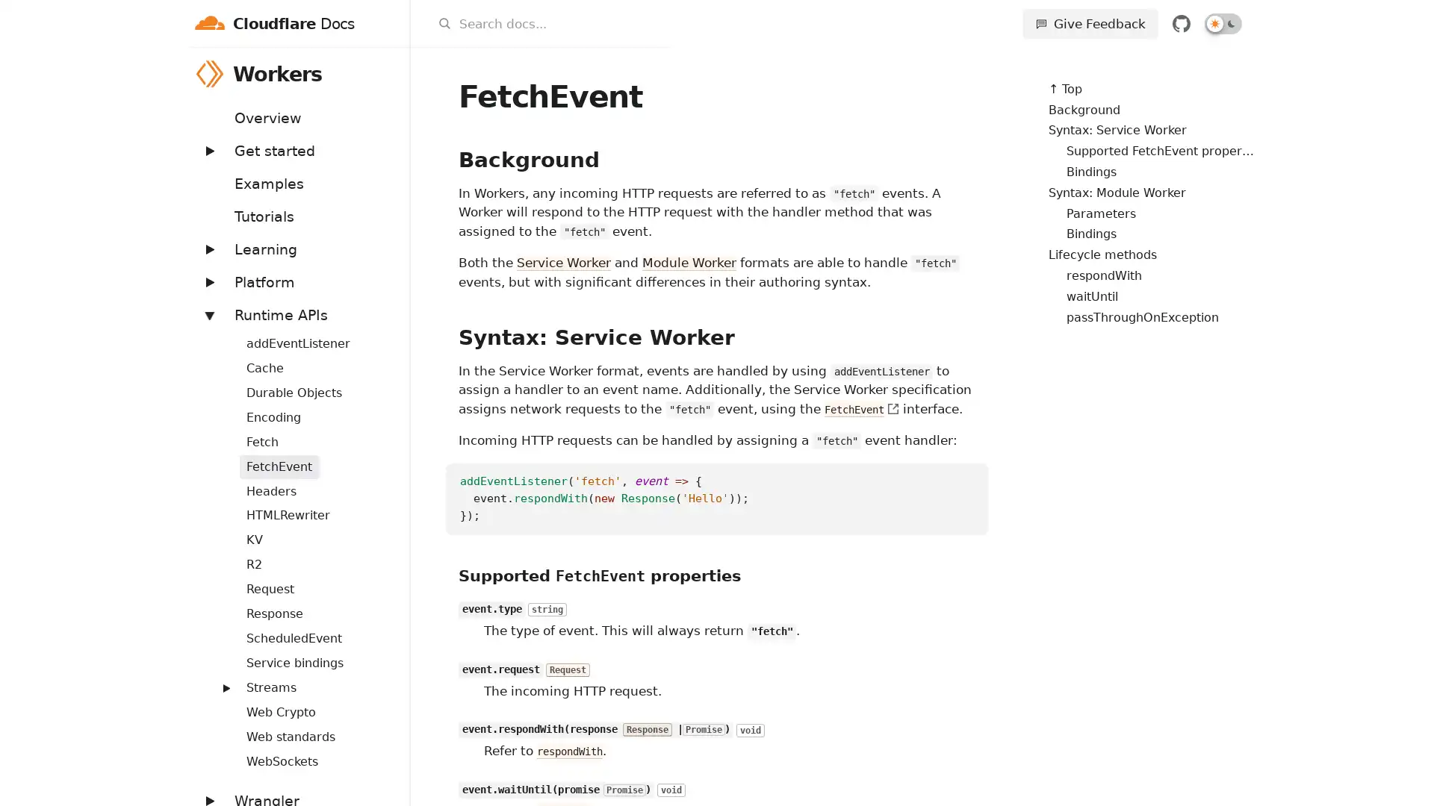 Image resolution: width=1434 pixels, height=806 pixels. What do you see at coordinates (390, 73) in the screenshot?
I see `Workers menu` at bounding box center [390, 73].